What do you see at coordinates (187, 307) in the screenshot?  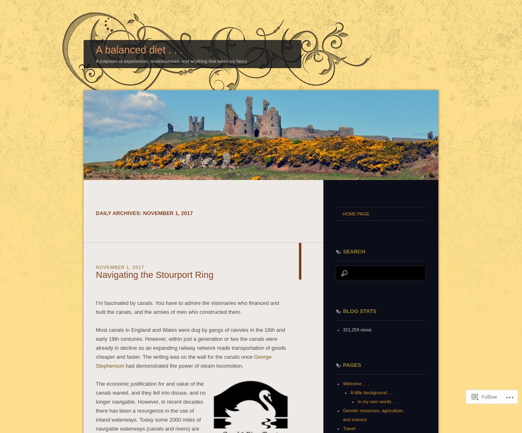 I see `'I’m fascinated by canals. You have to admire the visionaries who financed and built the canals, and the armies of men who constructed them.'` at bounding box center [187, 307].